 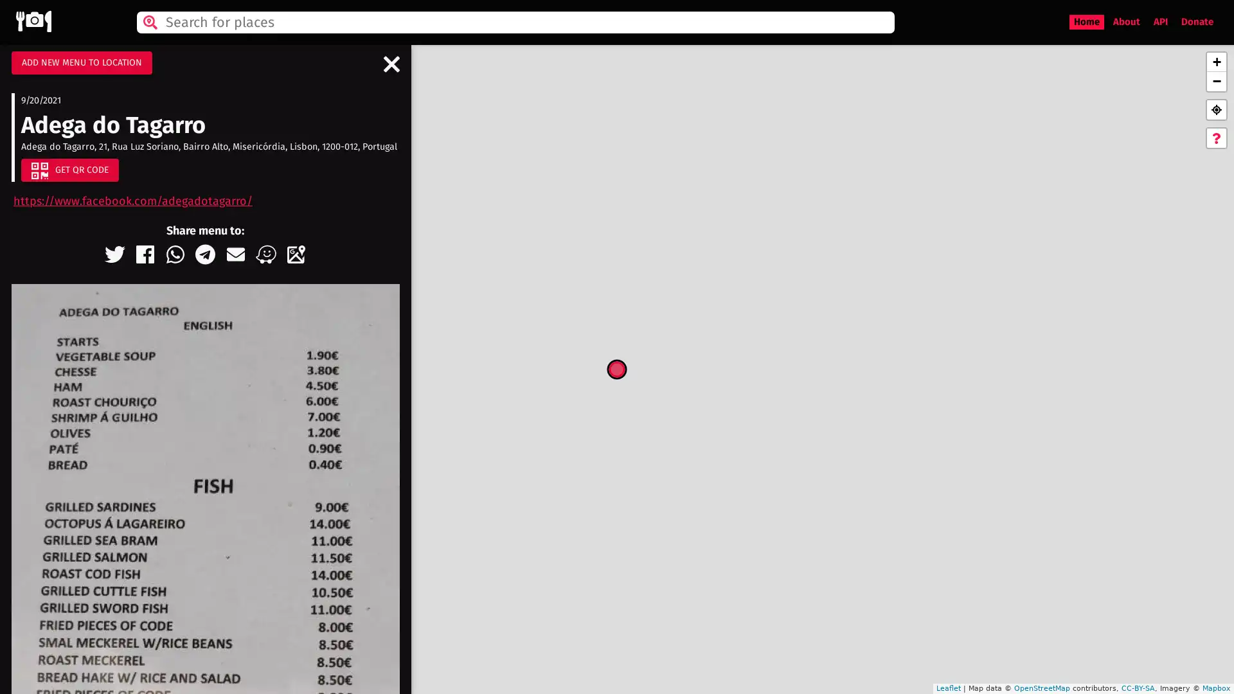 I want to click on Zoom out, so click(x=1215, y=82).